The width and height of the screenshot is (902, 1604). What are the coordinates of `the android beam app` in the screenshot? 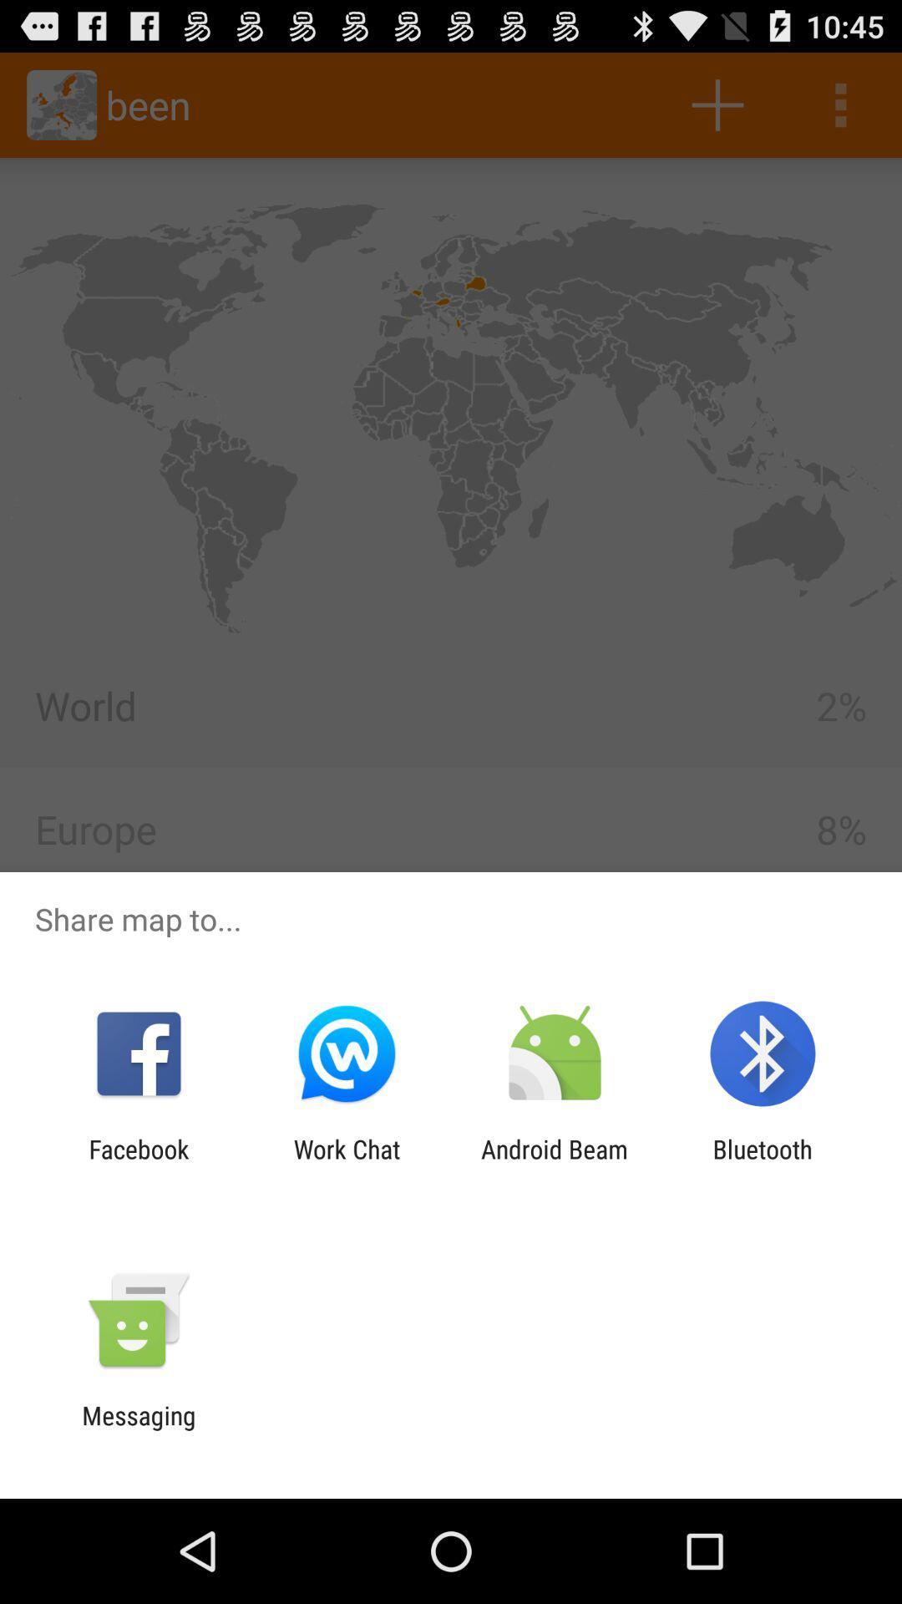 It's located at (555, 1163).